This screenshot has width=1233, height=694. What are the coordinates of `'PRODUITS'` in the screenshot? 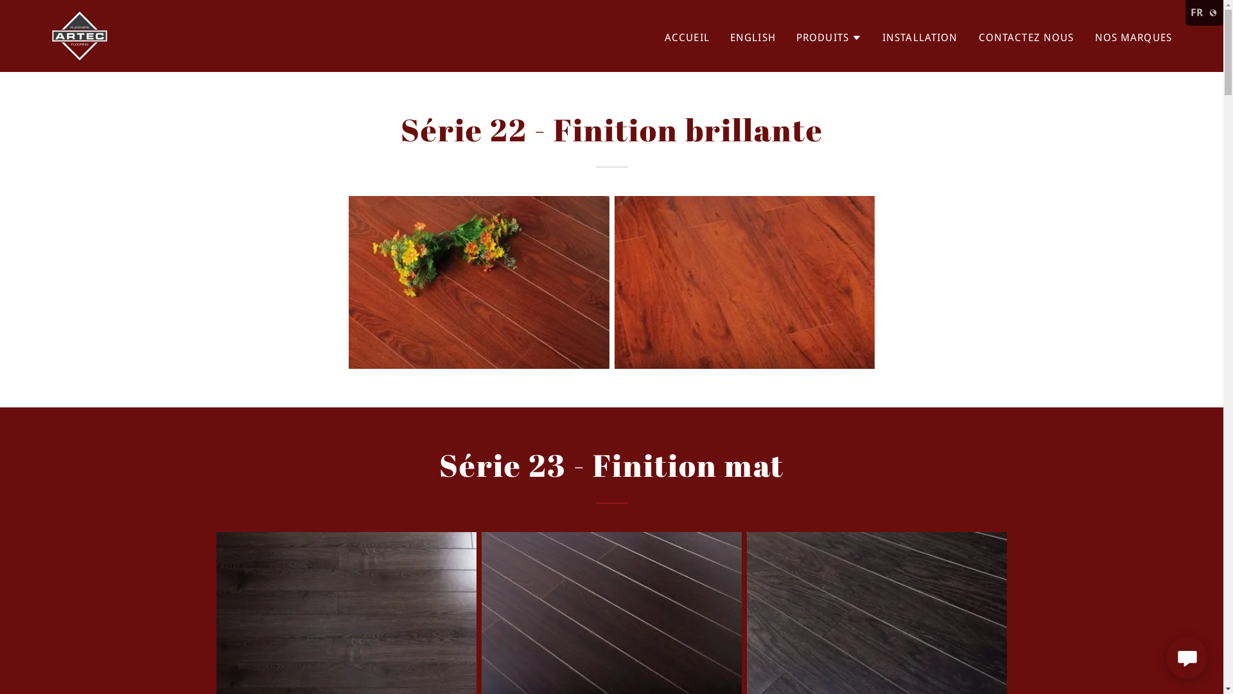 It's located at (795, 36).